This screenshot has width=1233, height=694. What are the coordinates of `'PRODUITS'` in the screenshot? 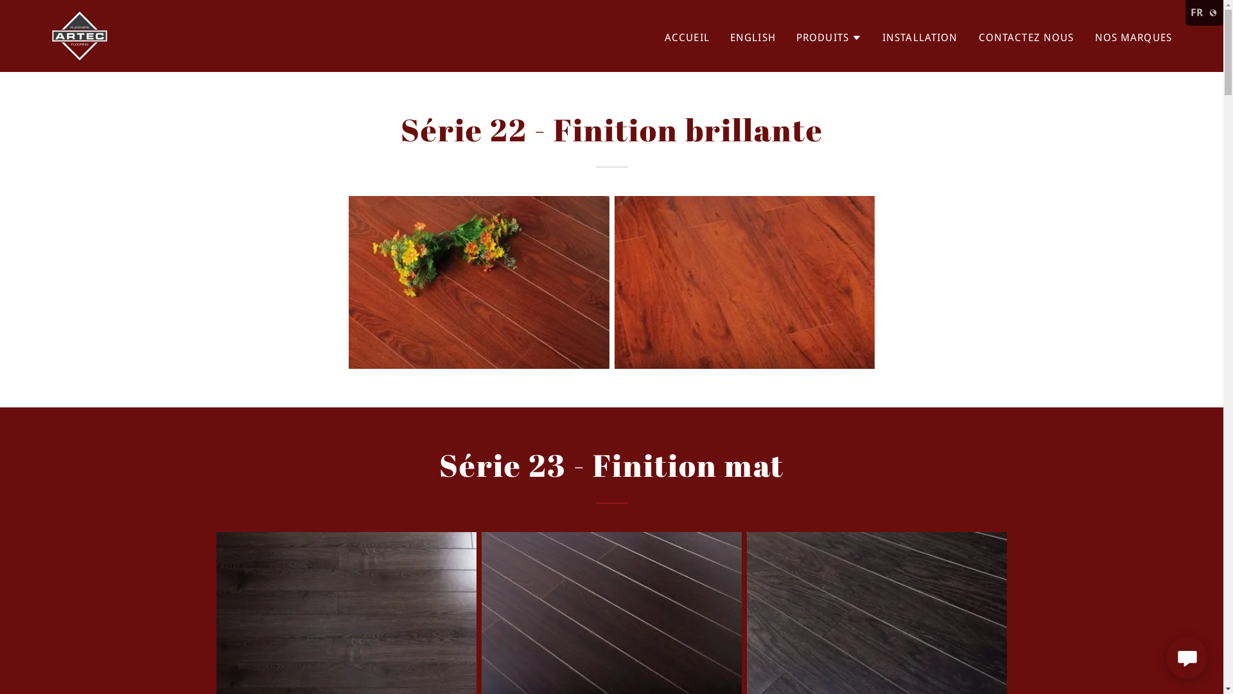 It's located at (795, 36).